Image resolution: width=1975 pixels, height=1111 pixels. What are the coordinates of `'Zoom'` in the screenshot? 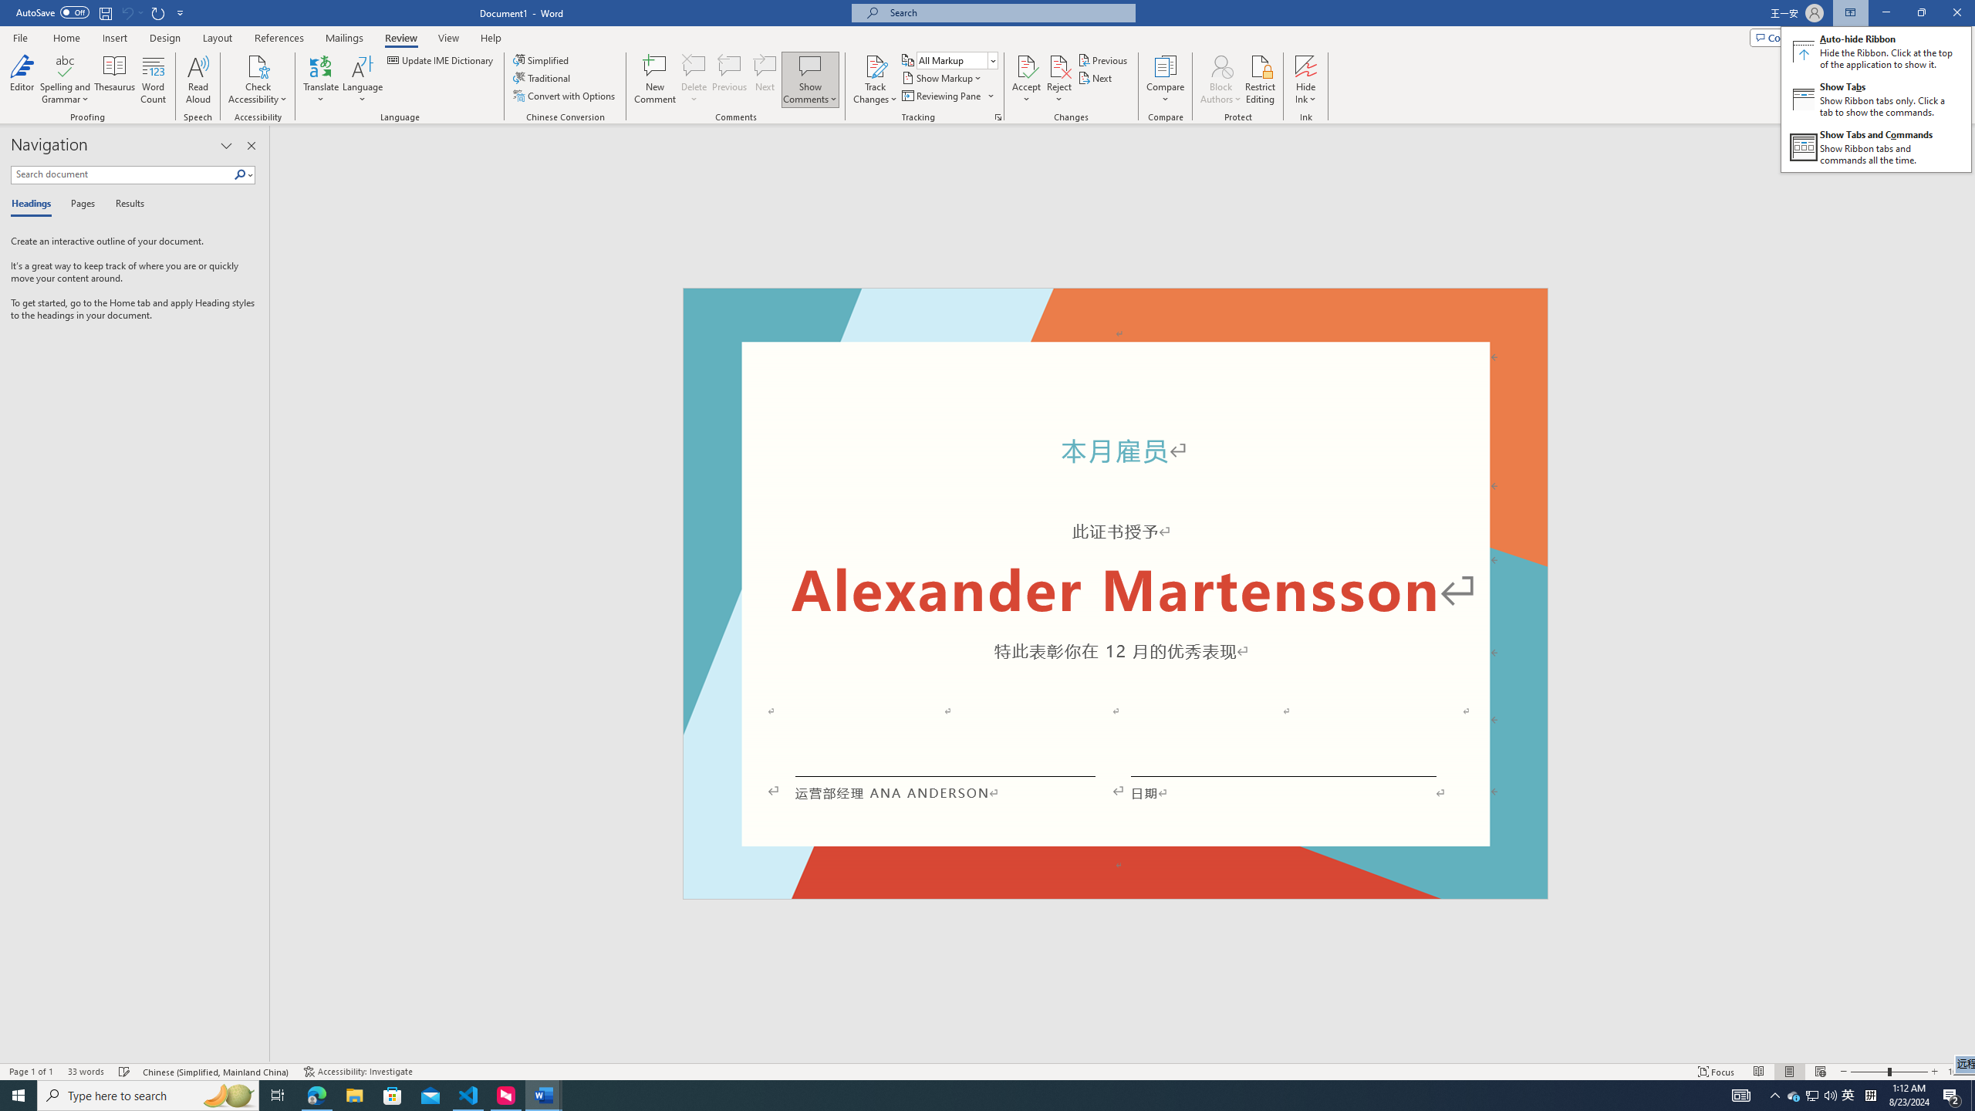 It's located at (1888, 1072).